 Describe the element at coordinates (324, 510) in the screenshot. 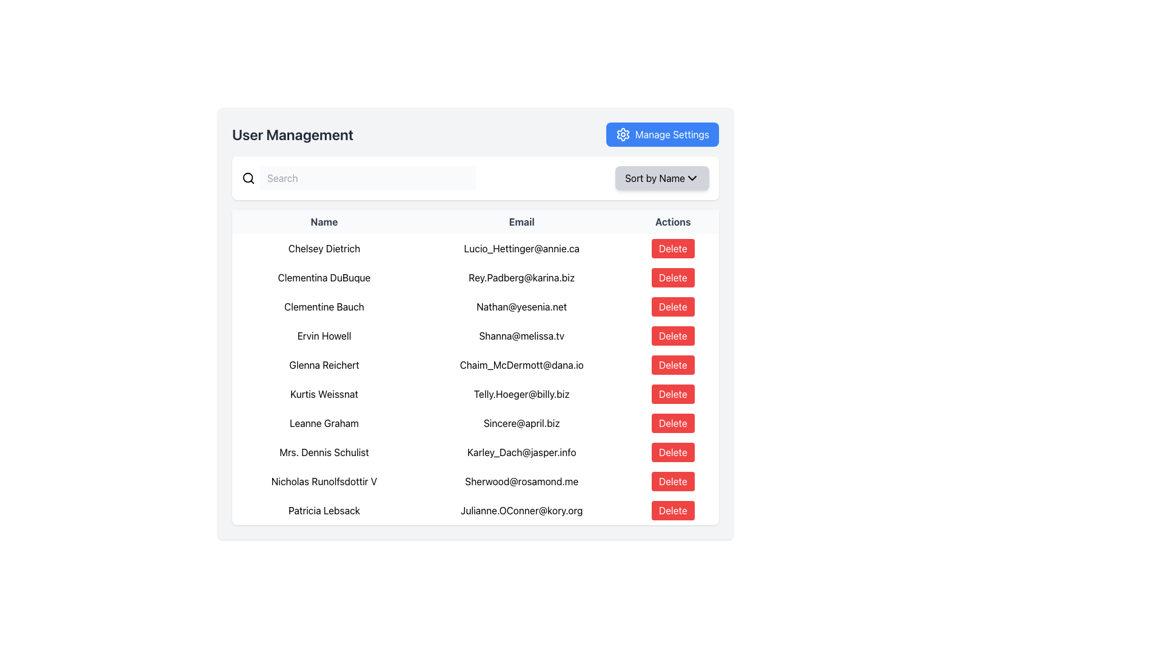

I see `text content of the Text Label displaying 'Patricia Lebsack' located in the 'Name' column of the user management table` at that location.